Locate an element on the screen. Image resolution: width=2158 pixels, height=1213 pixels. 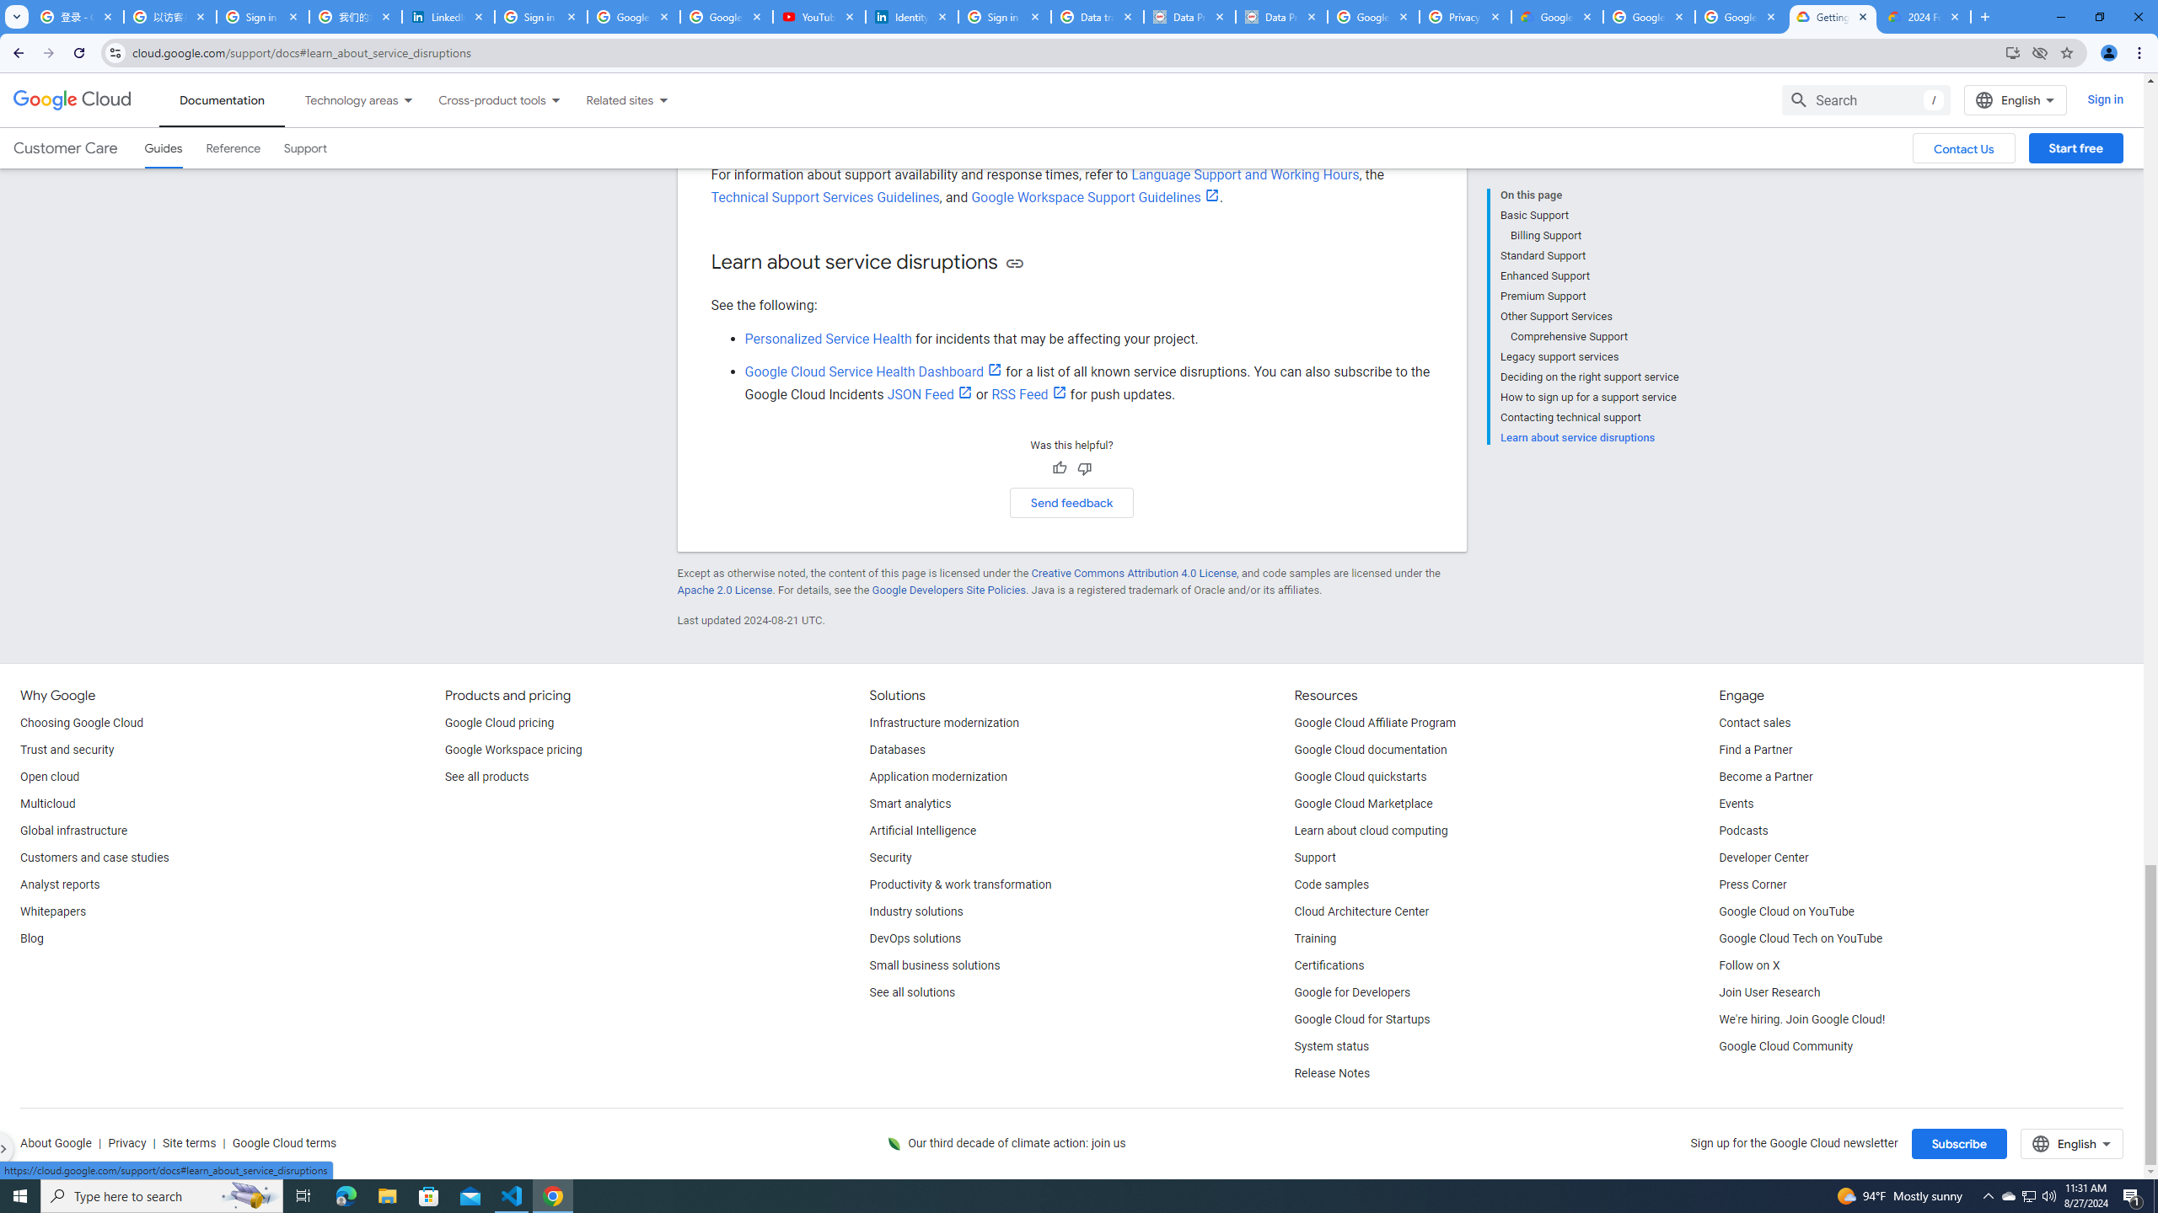
'Copy link to this section: Learn about service disruptions' is located at coordinates (1013, 262).